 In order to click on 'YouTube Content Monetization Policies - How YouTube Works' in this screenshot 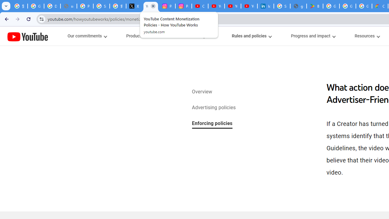, I will do `click(151, 6)`.